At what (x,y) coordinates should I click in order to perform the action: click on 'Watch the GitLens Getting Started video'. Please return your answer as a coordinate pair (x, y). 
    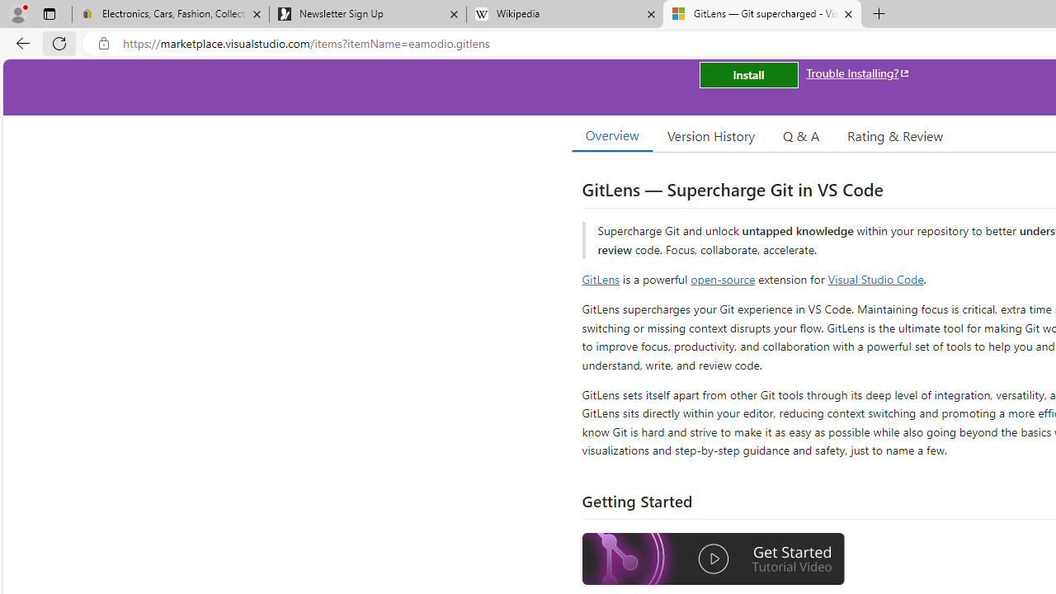
    Looking at the image, I should click on (714, 559).